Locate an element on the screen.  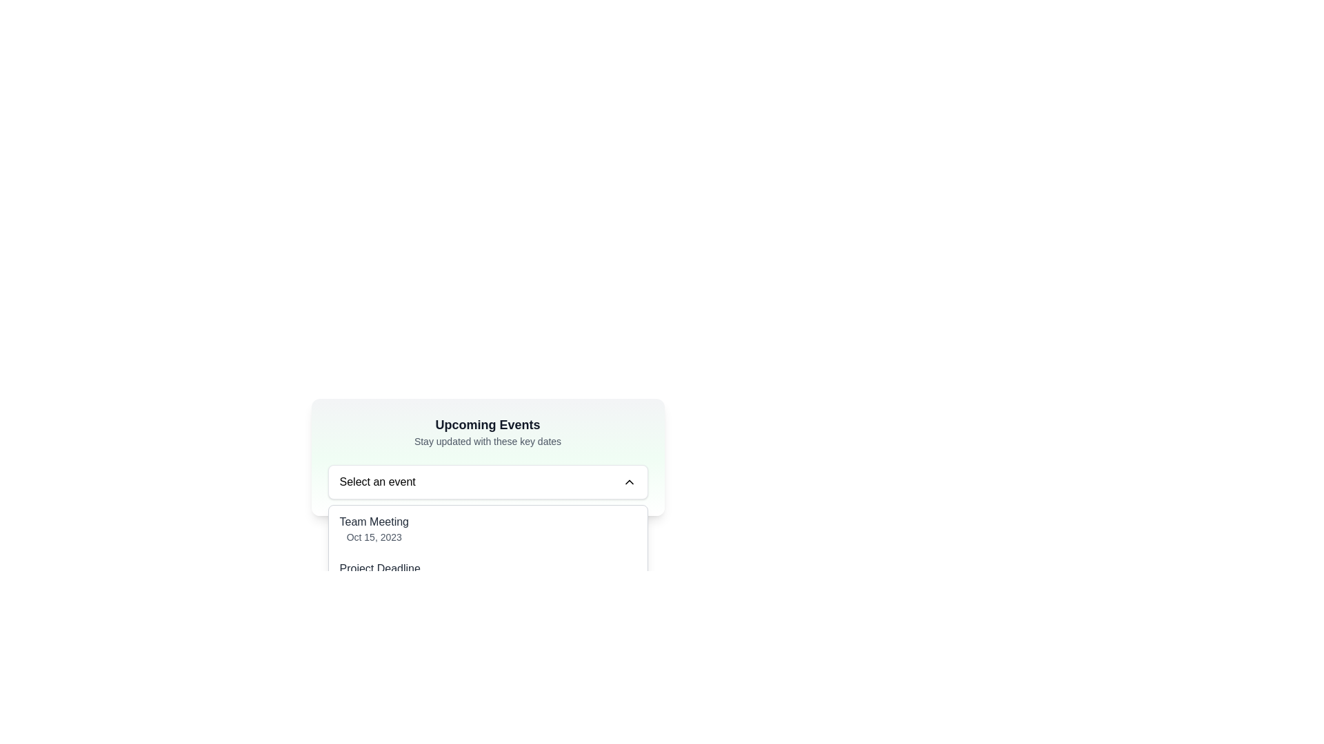
the upward arrow-shaped icon, which is the rightmost component of the 'Select an event' button, to indicate focus is located at coordinates (628, 481).